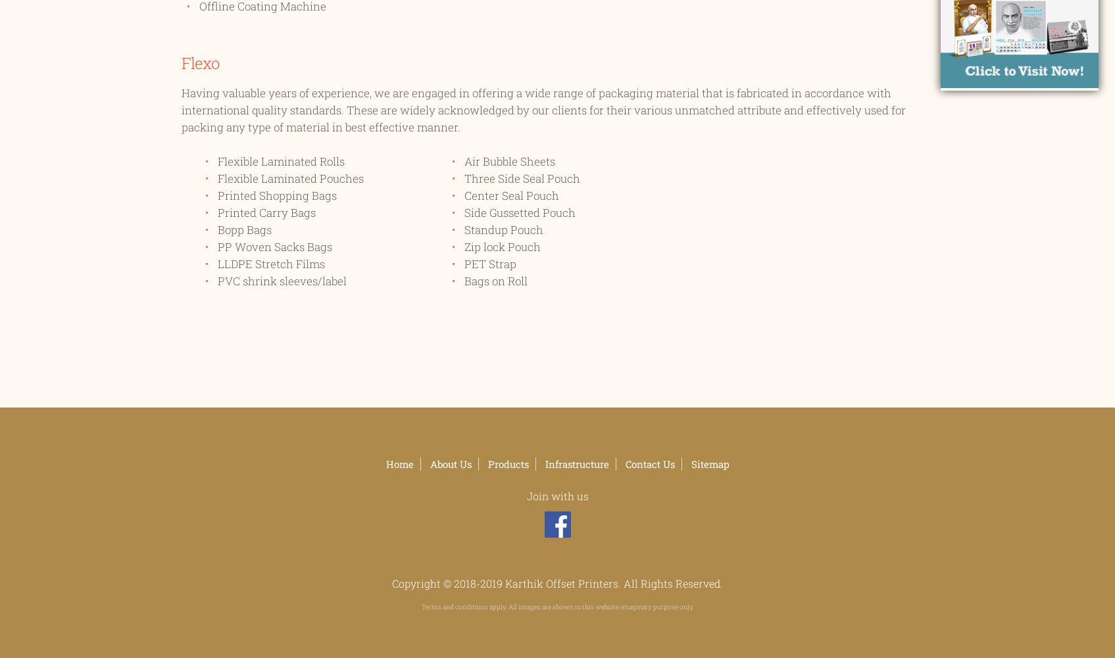 The height and width of the screenshot is (658, 1115). What do you see at coordinates (521, 177) in the screenshot?
I see `'Three Side Seal Pouch'` at bounding box center [521, 177].